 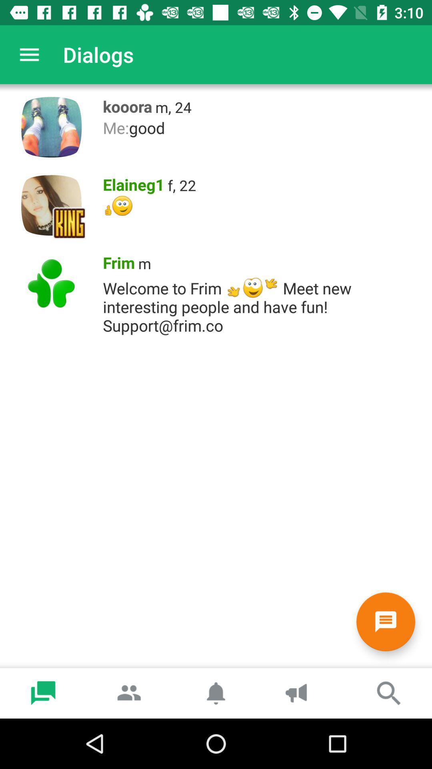 What do you see at coordinates (125, 104) in the screenshot?
I see `the item to the left of the m, 24 icon` at bounding box center [125, 104].